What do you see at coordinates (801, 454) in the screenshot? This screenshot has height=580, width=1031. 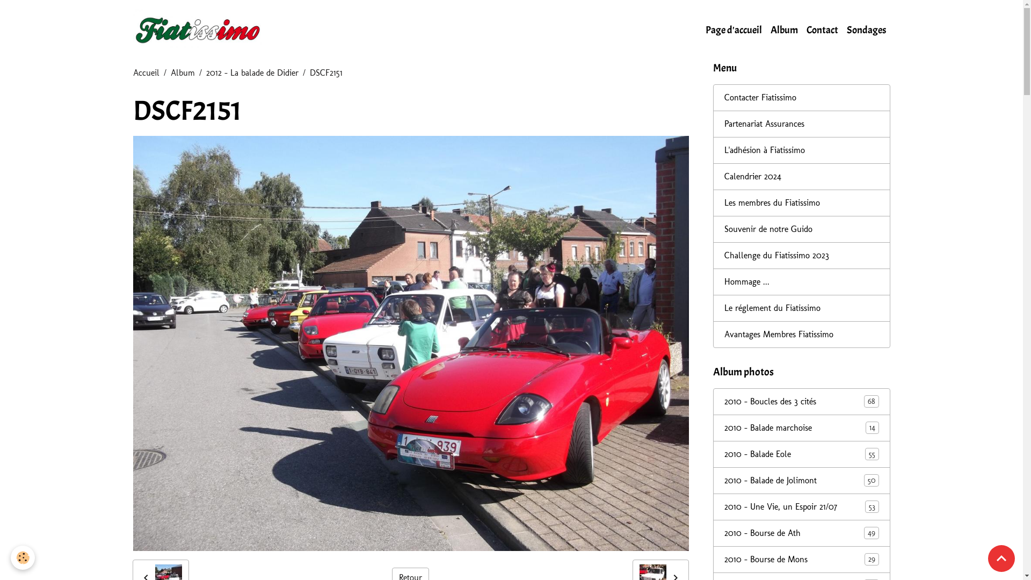 I see `'2010 - Balade Eole` at bounding box center [801, 454].